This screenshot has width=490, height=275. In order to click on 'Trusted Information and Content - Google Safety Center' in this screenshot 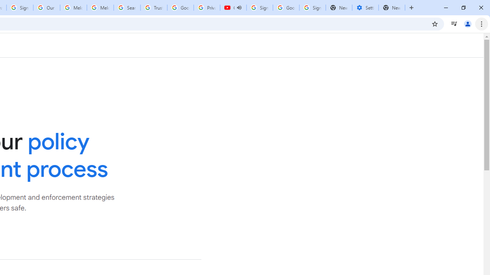, I will do `click(153, 8)`.